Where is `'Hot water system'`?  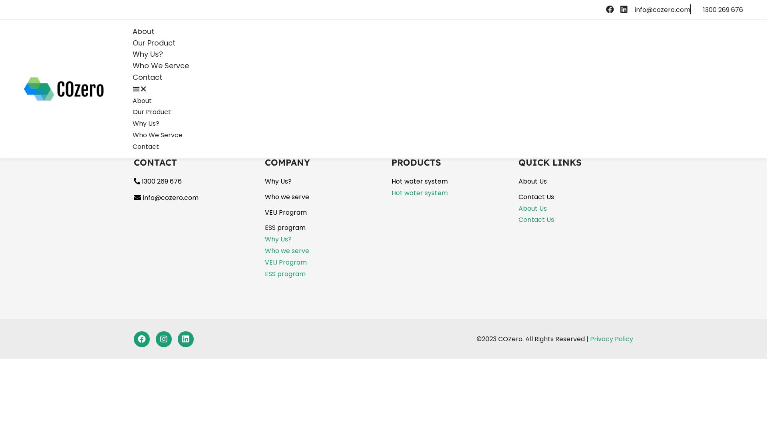 'Hot water system' is located at coordinates (419, 193).